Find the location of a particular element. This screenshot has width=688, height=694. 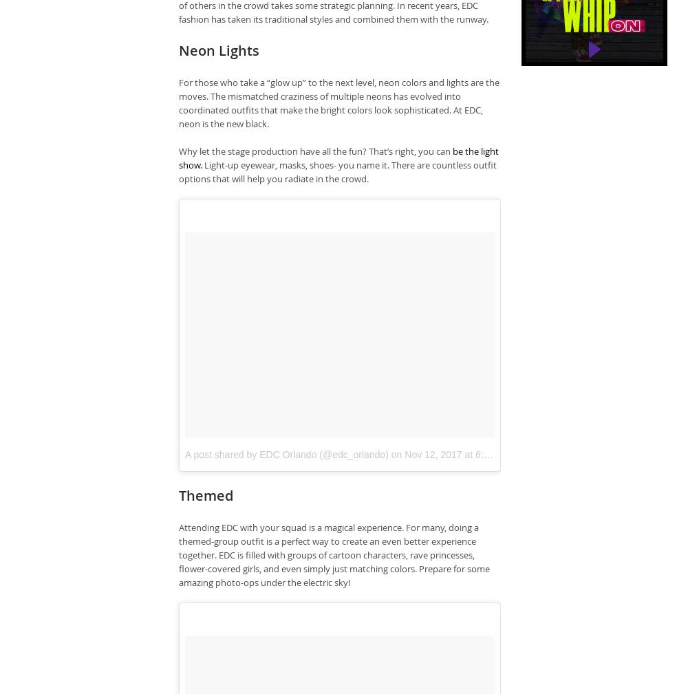

'Light-up eyewear, masks, shoes- you name it. There are countless outfit options that will help you radiate in the crowd.' is located at coordinates (179, 171).